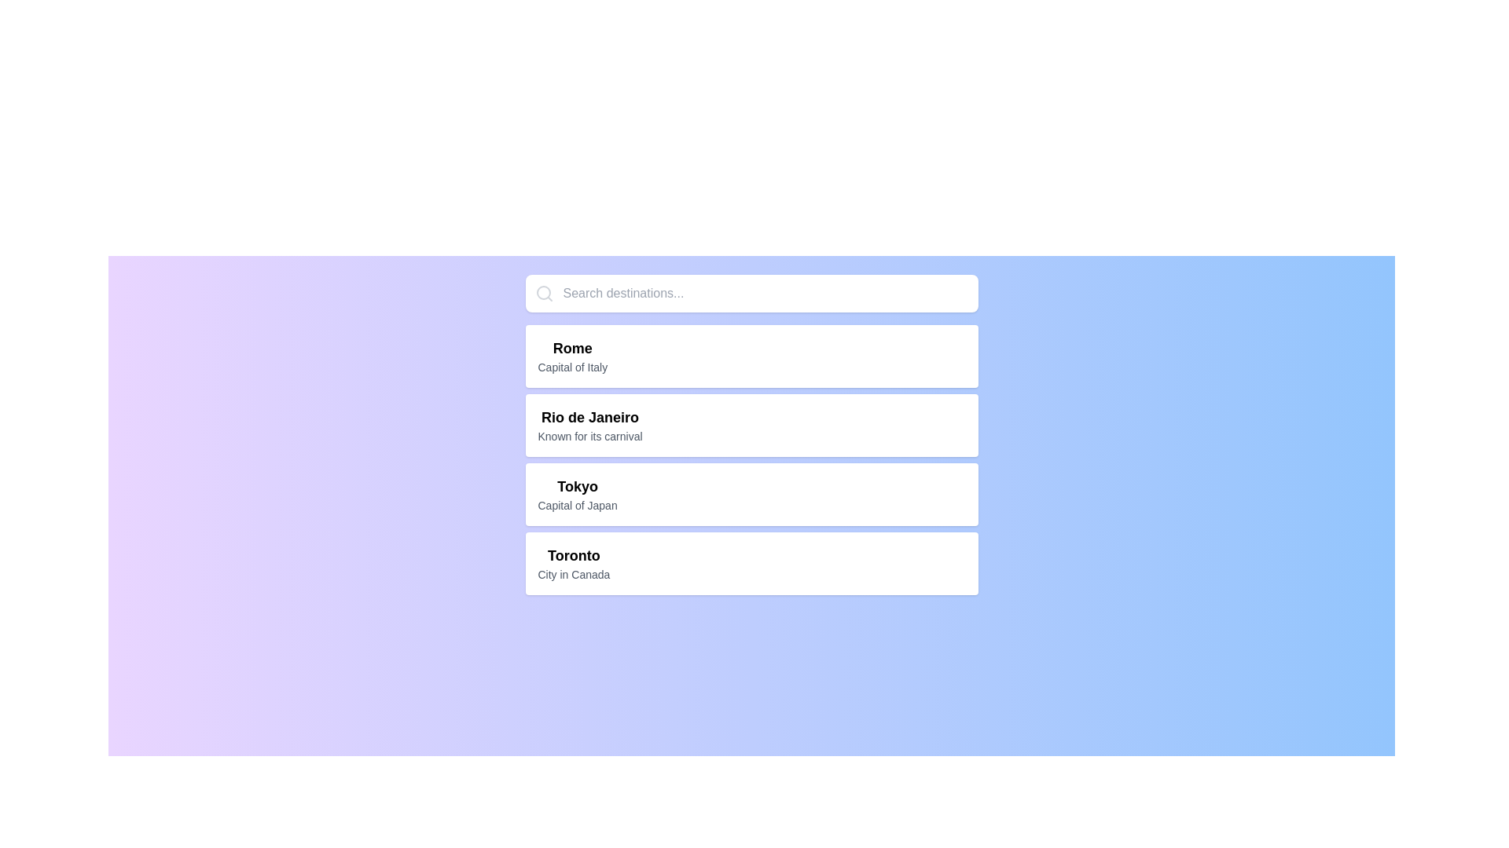 Image resolution: width=1509 pixels, height=848 pixels. What do you see at coordinates (589, 426) in the screenshot?
I see `the second list item containing the bolded text 'Rio de Janeiro' for additional context` at bounding box center [589, 426].